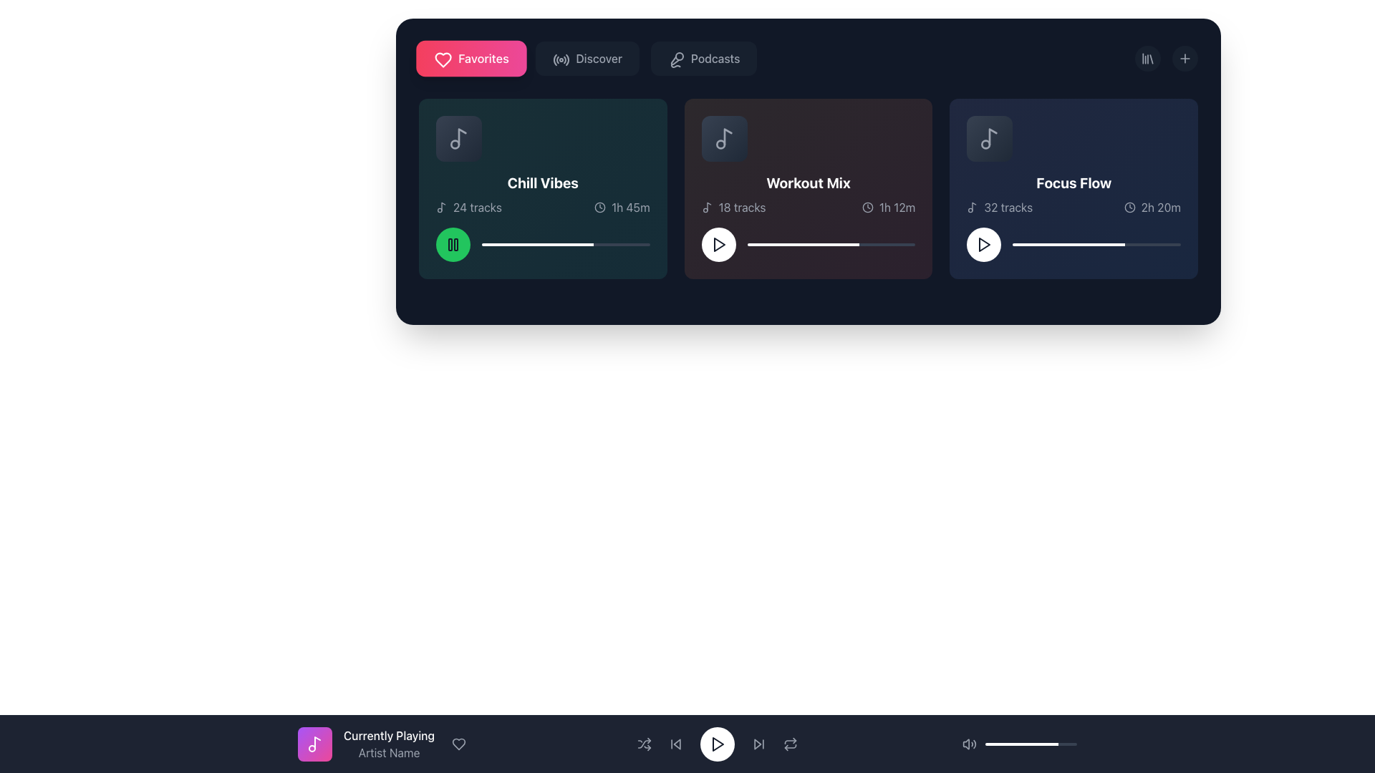 This screenshot has width=1375, height=773. What do you see at coordinates (385, 744) in the screenshot?
I see `the heart icon on the Informative component located at the bottom-left corner of the interface to like the track` at bounding box center [385, 744].